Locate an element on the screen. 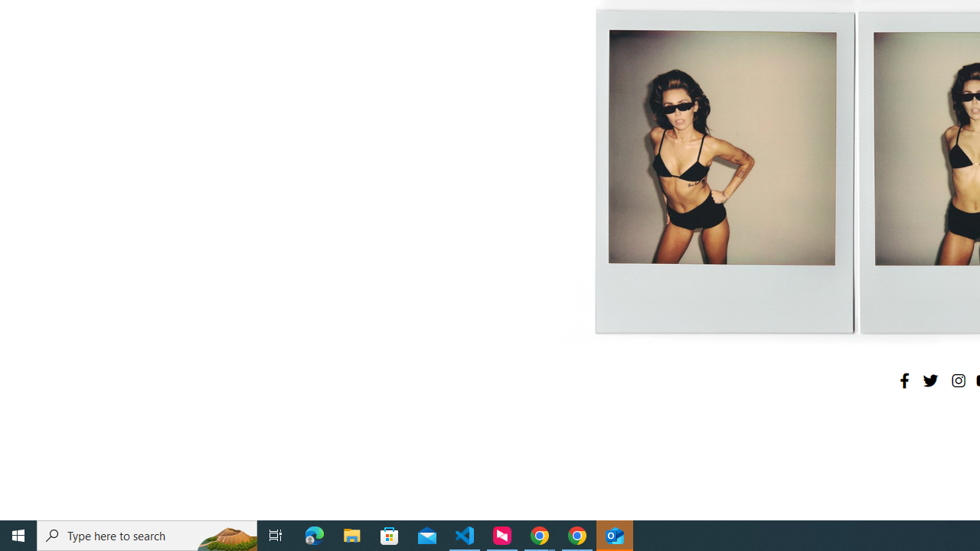 This screenshot has width=980, height=551. 'Facebook' is located at coordinates (904, 380).